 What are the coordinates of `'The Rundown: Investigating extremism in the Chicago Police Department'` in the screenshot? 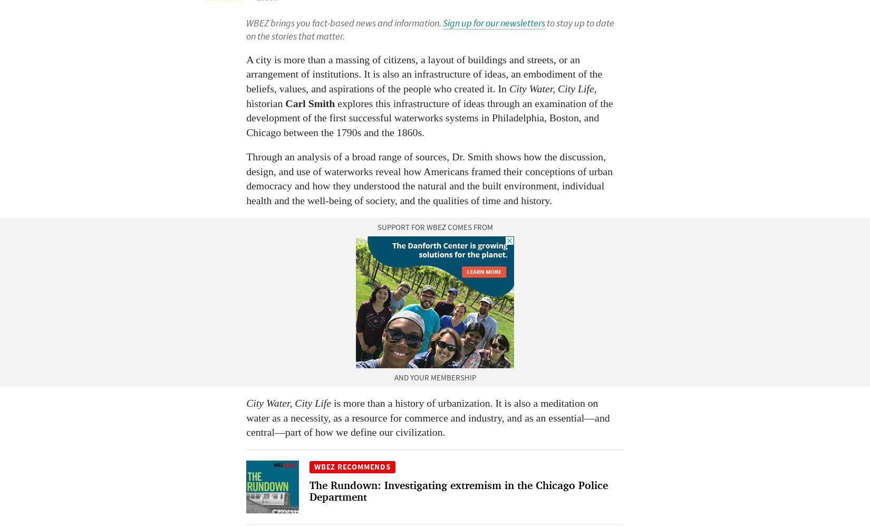 It's located at (458, 491).